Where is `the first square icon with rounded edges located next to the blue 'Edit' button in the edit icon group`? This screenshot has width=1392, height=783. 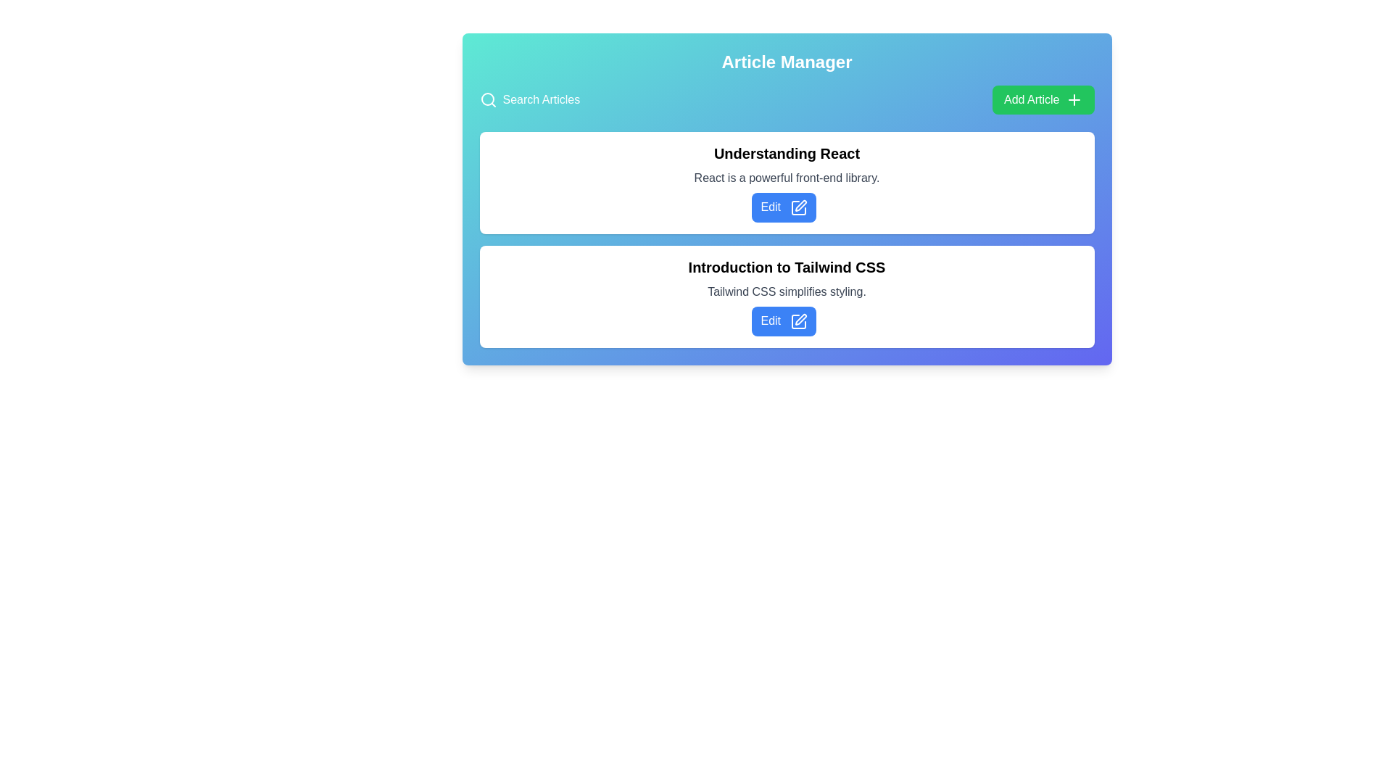
the first square icon with rounded edges located next to the blue 'Edit' button in the edit icon group is located at coordinates (797, 207).